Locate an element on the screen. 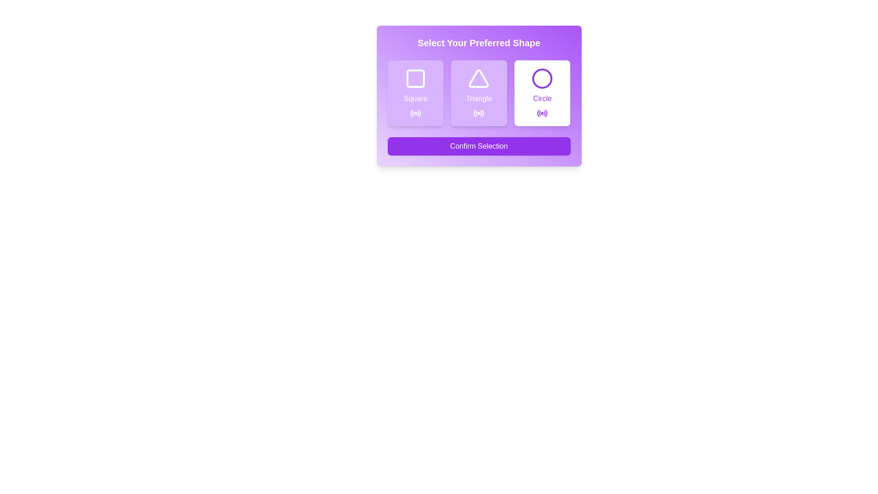  the text label 'Square' displayed in medium-sized, capitalized letters on a purple card located in the bottom section of the leftmost card in a horizontal selection group is located at coordinates (415, 99).